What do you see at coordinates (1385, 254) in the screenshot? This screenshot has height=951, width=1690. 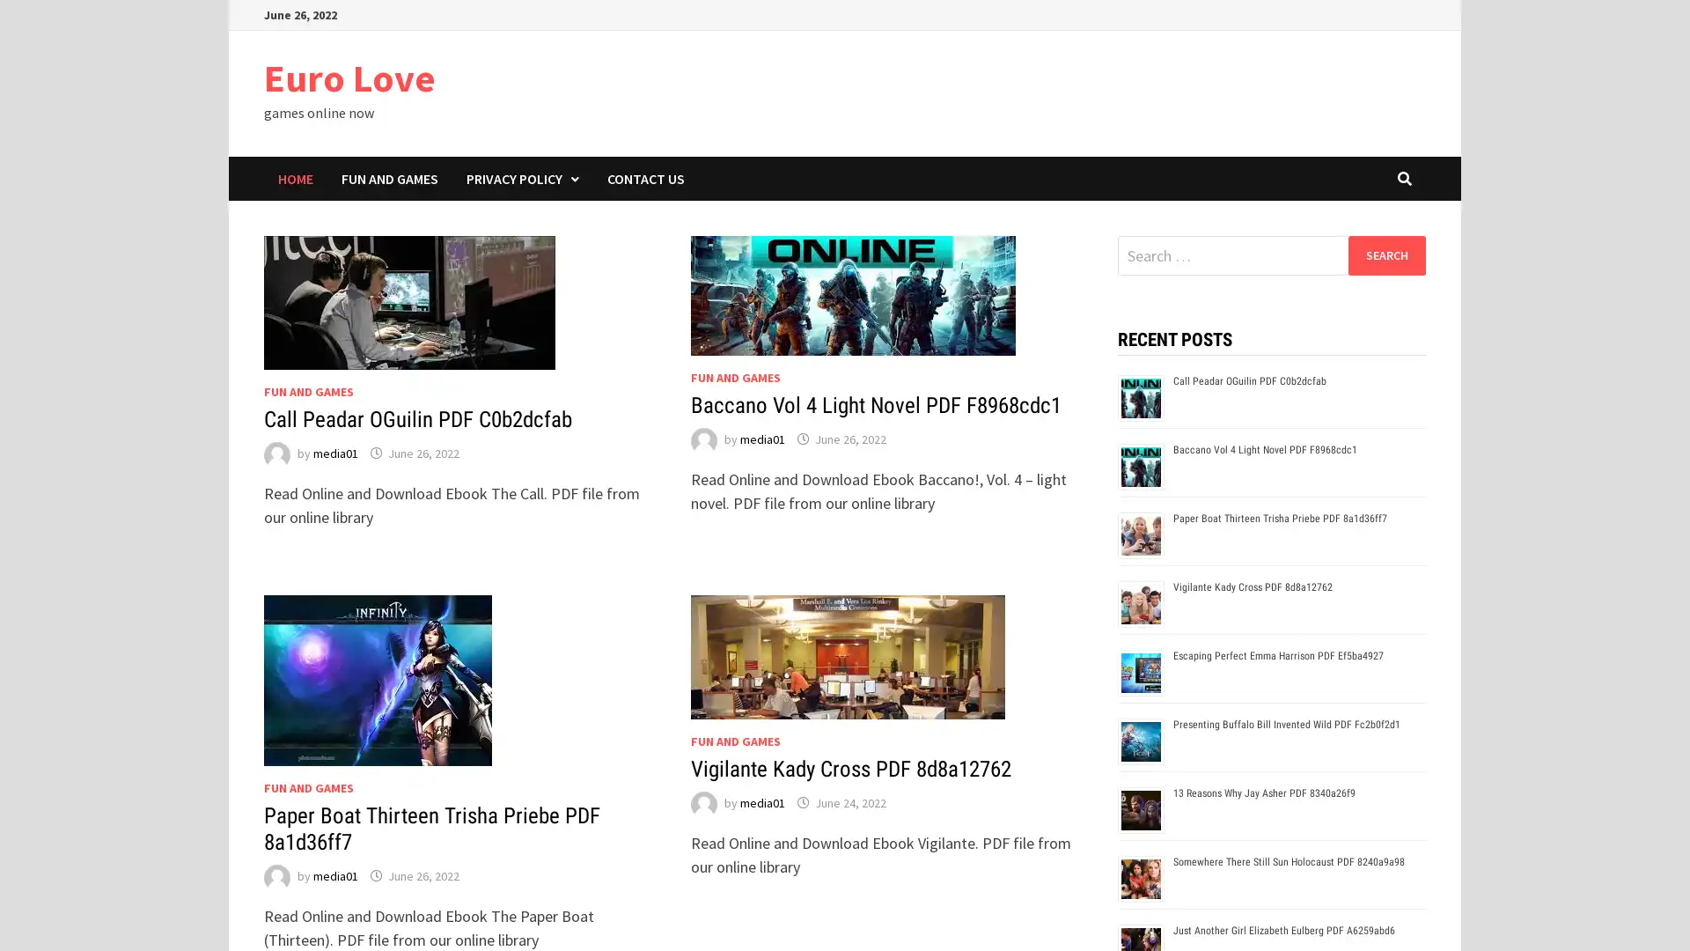 I see `Search` at bounding box center [1385, 254].